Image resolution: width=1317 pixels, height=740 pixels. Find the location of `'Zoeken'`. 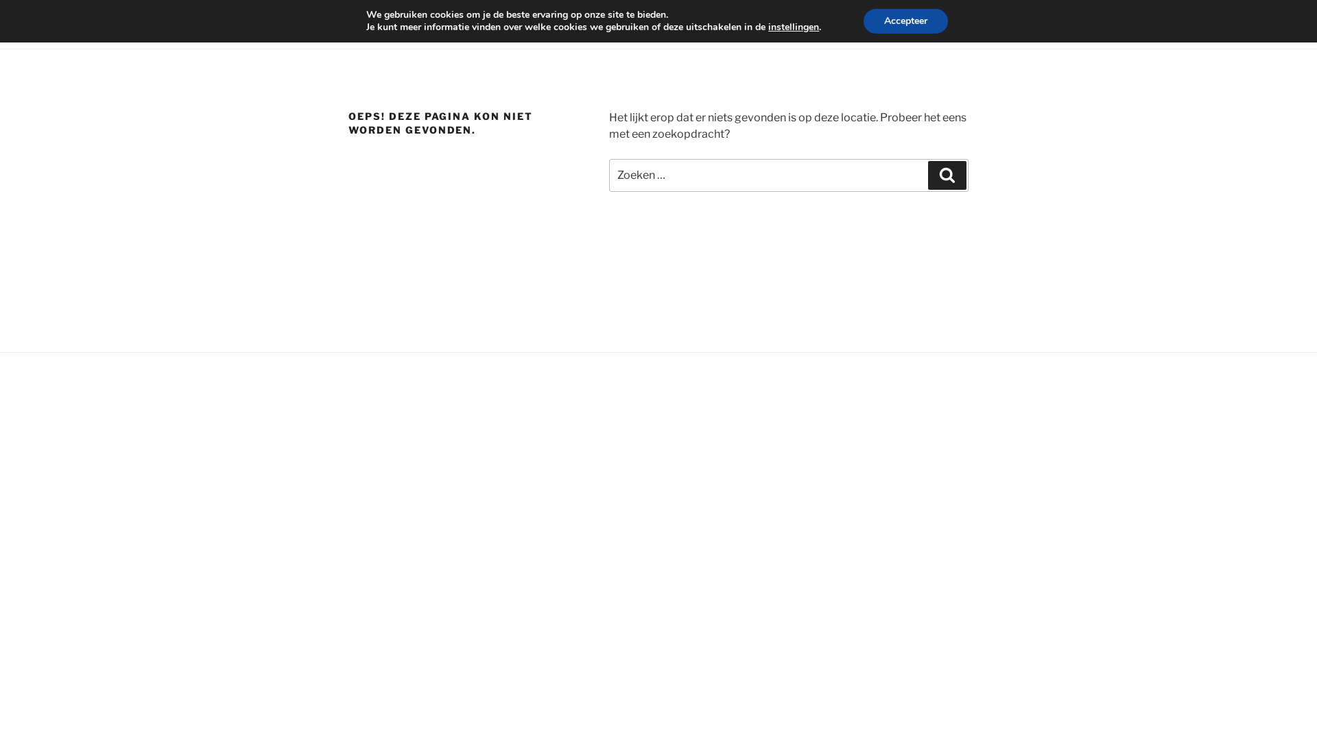

'Zoeken' is located at coordinates (947, 174).